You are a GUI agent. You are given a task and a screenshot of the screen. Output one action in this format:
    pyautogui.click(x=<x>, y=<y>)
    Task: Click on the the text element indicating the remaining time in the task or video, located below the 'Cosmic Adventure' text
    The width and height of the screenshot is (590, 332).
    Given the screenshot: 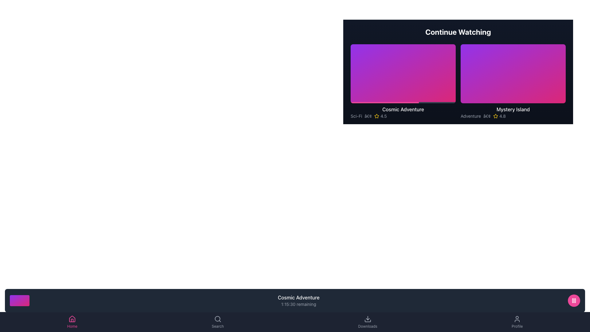 What is the action you would take?
    pyautogui.click(x=298, y=304)
    